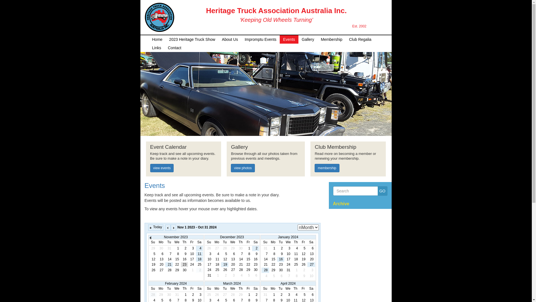 This screenshot has height=302, width=536. Describe the element at coordinates (173, 248) in the screenshot. I see `'1'` at that location.